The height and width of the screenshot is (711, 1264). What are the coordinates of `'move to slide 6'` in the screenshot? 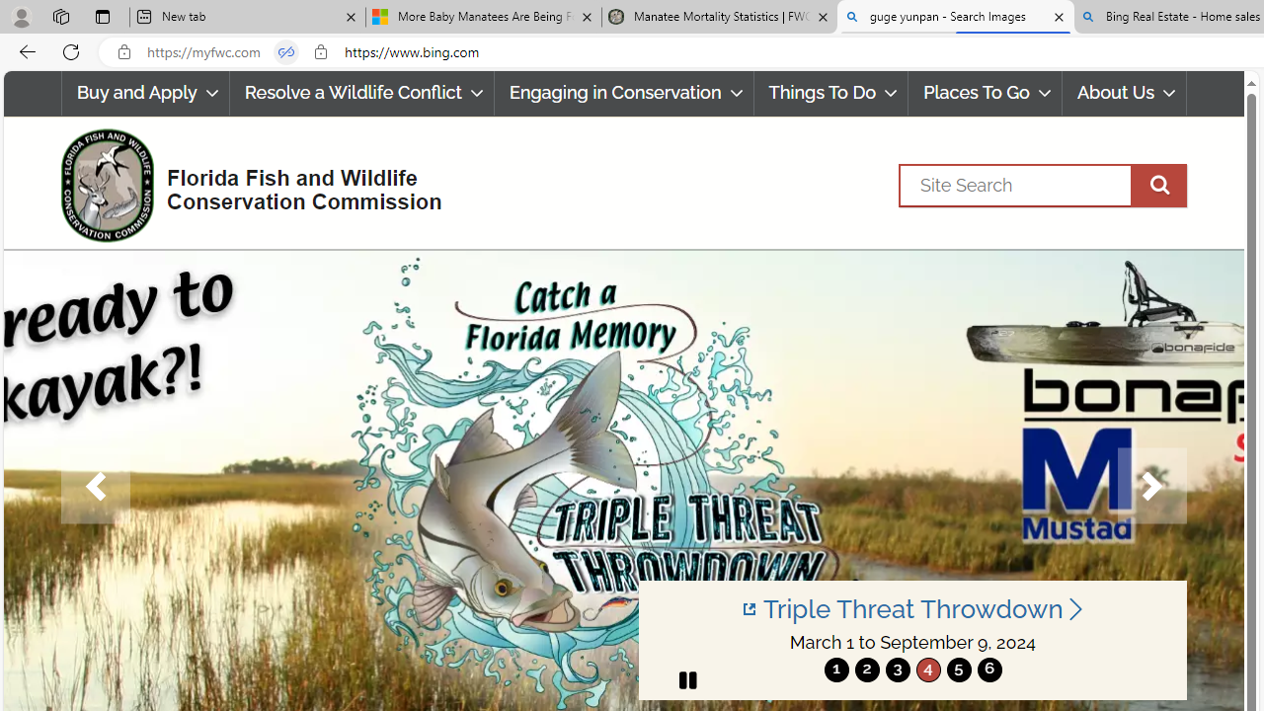 It's located at (989, 669).